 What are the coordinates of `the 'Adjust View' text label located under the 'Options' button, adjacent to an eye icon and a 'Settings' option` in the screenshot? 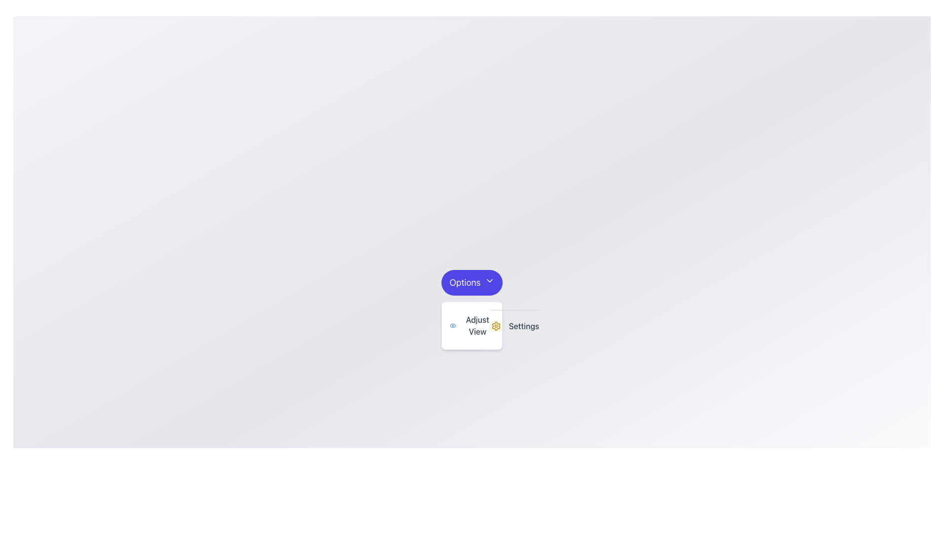 It's located at (477, 325).